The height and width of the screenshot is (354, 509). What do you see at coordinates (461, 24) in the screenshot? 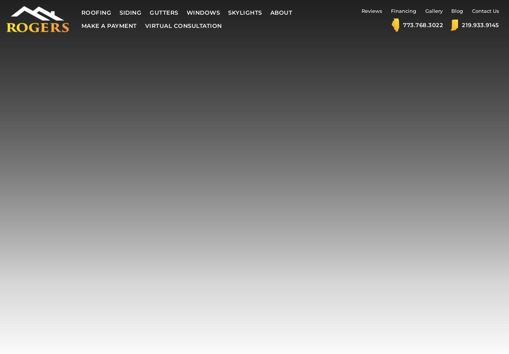
I see `'219.933.9145'` at bounding box center [461, 24].